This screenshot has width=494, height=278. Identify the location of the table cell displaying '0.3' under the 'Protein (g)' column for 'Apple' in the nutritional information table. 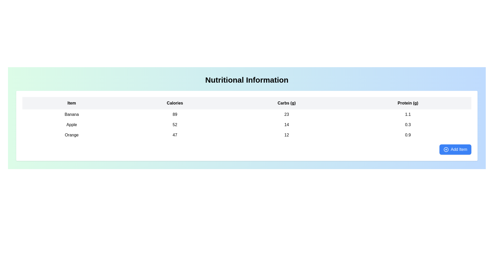
(408, 125).